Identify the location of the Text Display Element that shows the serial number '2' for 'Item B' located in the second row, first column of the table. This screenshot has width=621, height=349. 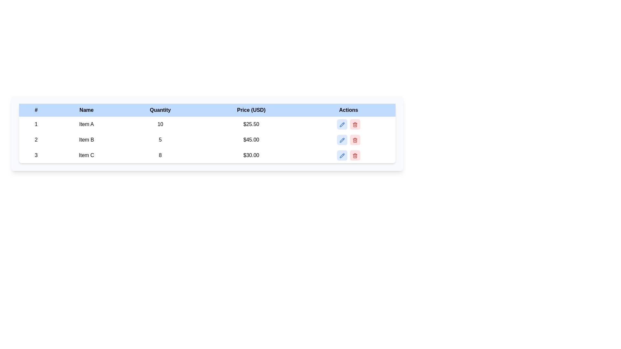
(36, 139).